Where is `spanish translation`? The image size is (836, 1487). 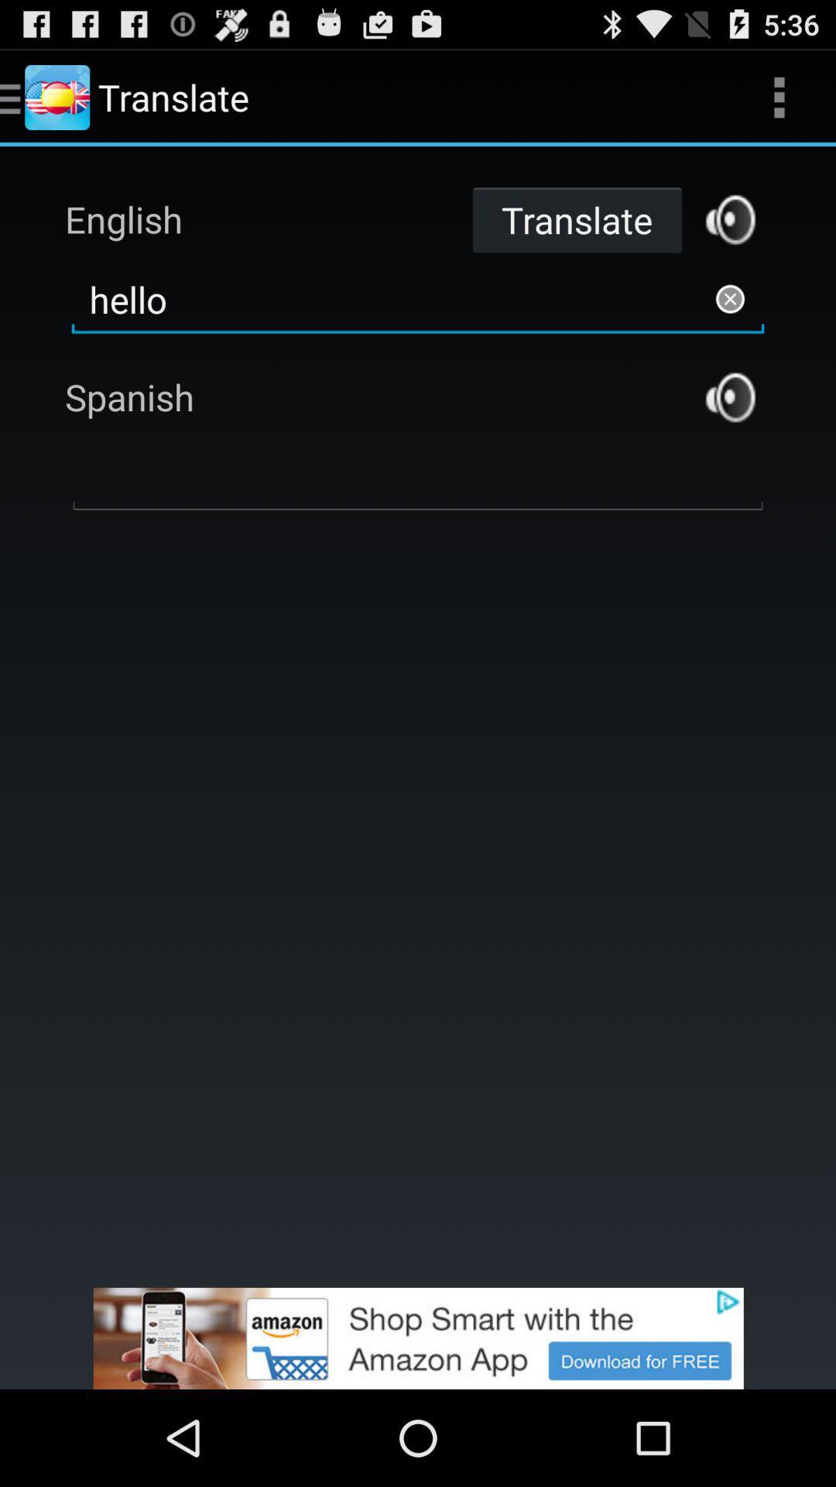 spanish translation is located at coordinates (730, 397).